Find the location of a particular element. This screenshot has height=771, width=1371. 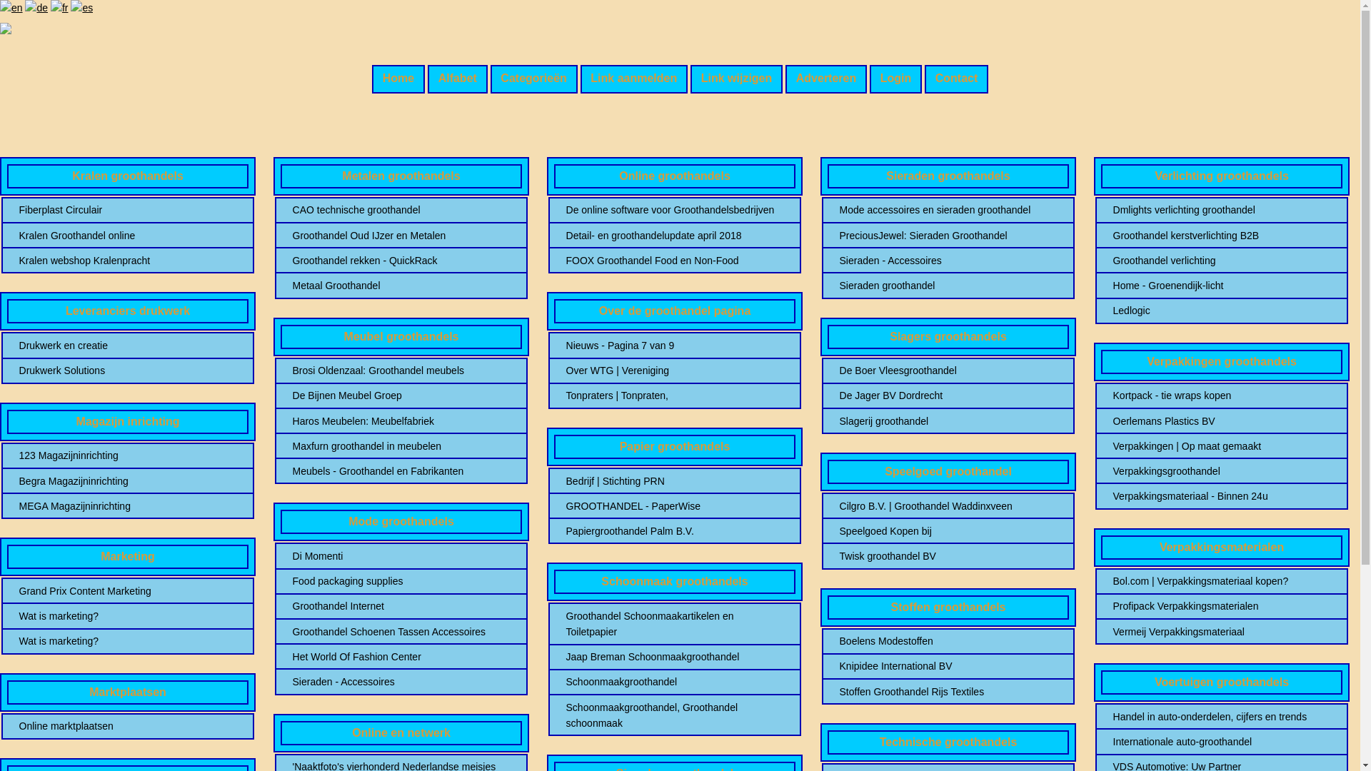

'Home' is located at coordinates (398, 79).